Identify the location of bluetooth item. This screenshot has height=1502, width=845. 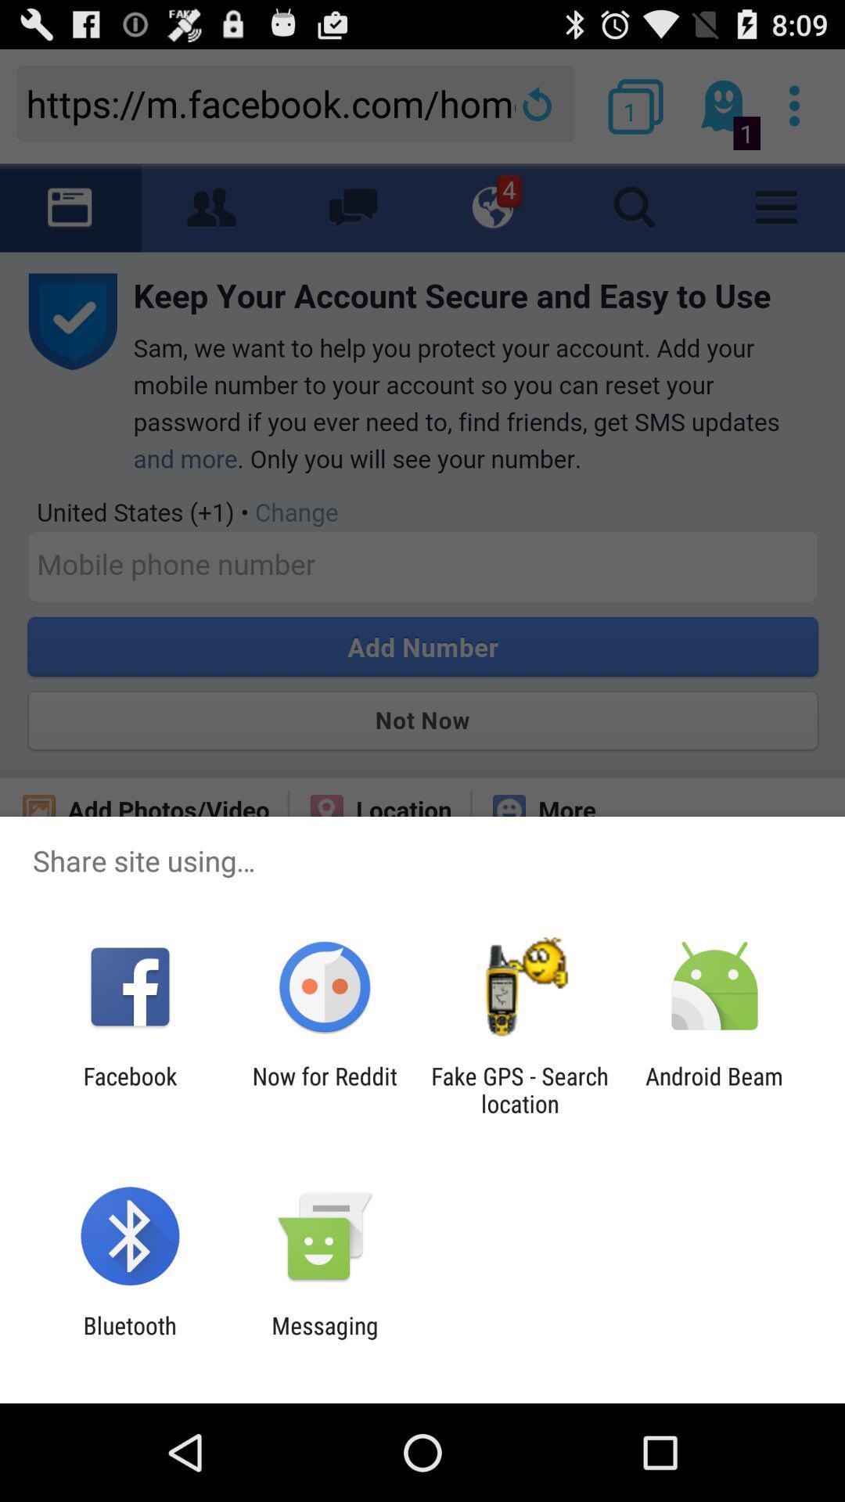
(129, 1339).